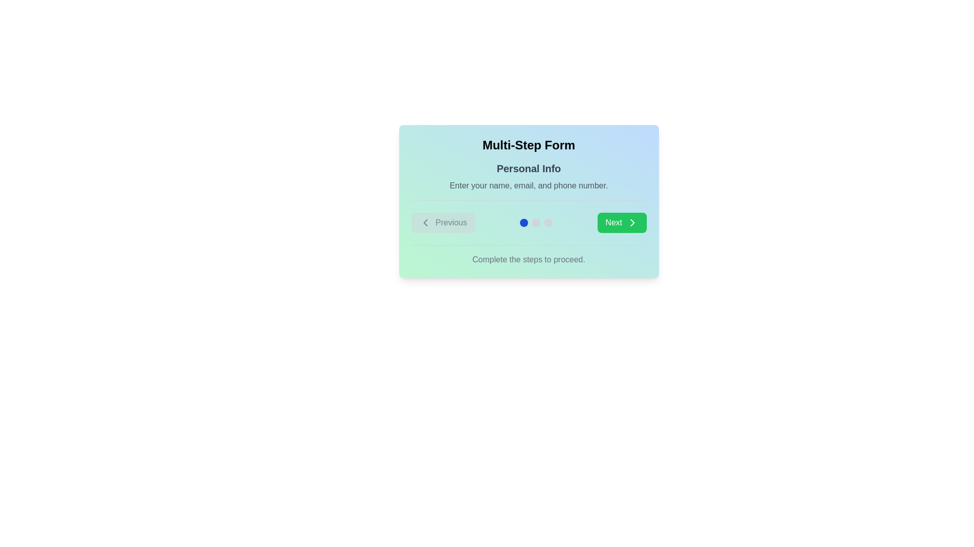 The height and width of the screenshot is (547, 974). What do you see at coordinates (425, 222) in the screenshot?
I see `the left-pointing chevron-shaped arrow icon that is part of the 'Previous' button` at bounding box center [425, 222].